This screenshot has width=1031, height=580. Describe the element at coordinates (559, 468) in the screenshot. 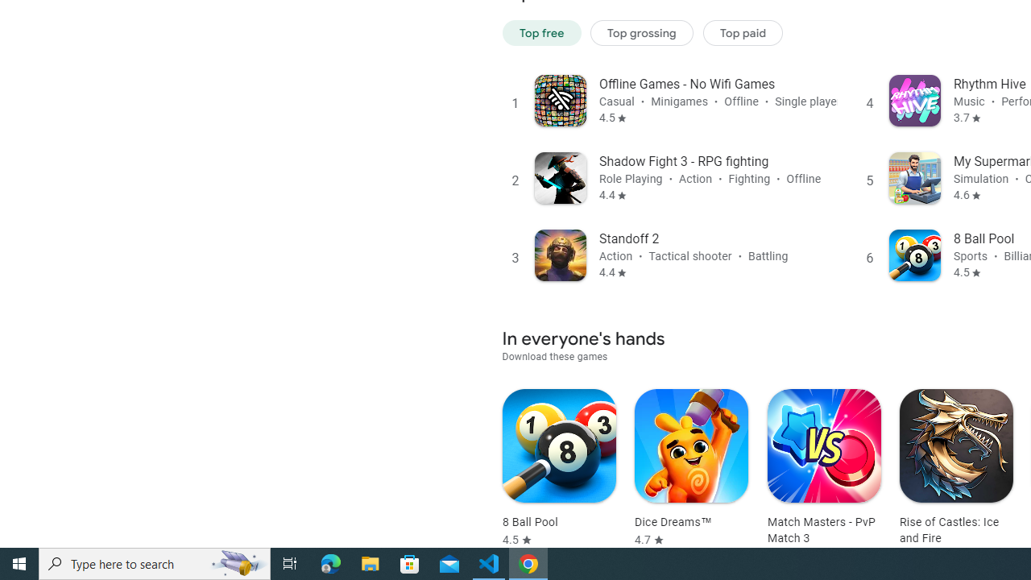

I see `'8 Ball Pool Rated 4.5 stars out of five stars'` at that location.